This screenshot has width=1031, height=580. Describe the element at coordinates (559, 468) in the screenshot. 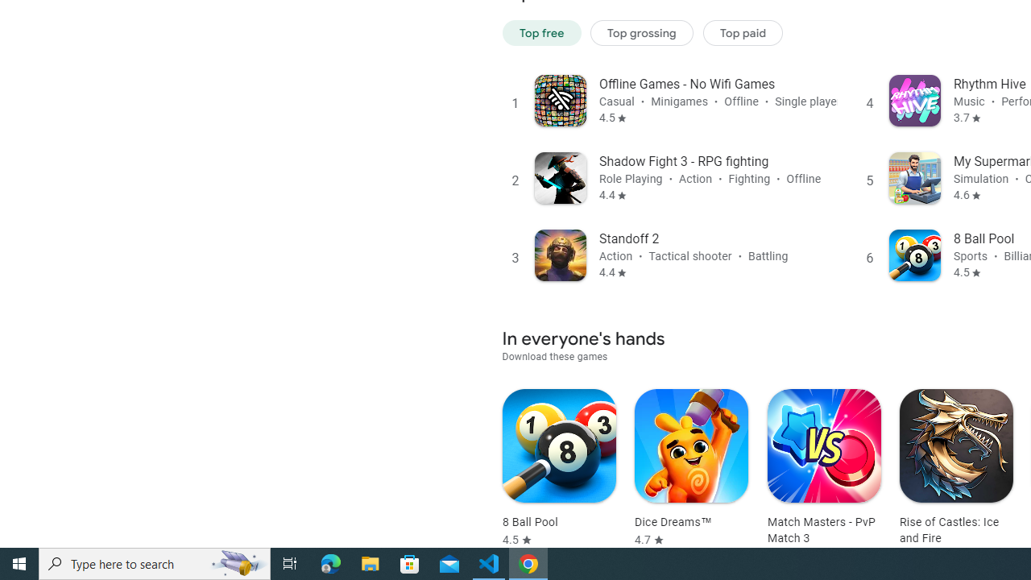

I see `'8 Ball Pool Rated 4.5 stars out of five stars'` at that location.